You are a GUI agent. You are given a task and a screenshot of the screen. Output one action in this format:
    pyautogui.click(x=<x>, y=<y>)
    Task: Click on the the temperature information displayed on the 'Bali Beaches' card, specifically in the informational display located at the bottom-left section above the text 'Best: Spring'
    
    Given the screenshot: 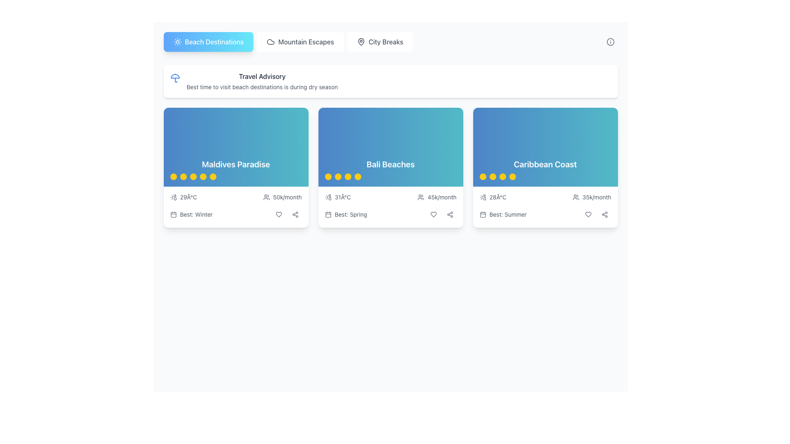 What is the action you would take?
    pyautogui.click(x=338, y=197)
    